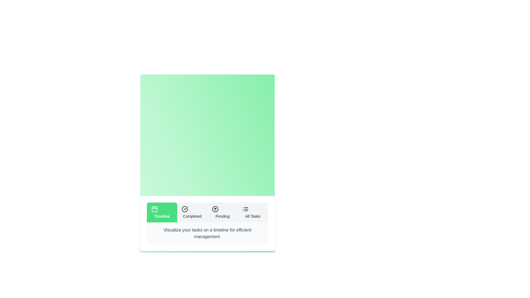  Describe the element at coordinates (161, 212) in the screenshot. I see `the Timeline tab to view its hover effect` at that location.